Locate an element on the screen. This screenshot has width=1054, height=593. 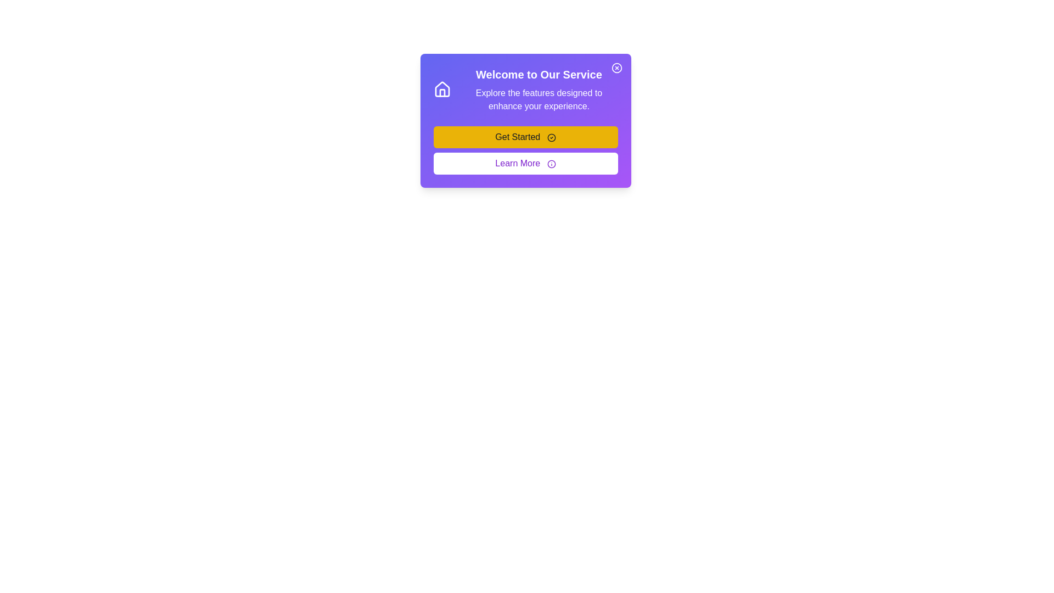
the circular yellow icon with a dark border located at the center of the 'Get Started' button in the modal panel is located at coordinates (551, 137).